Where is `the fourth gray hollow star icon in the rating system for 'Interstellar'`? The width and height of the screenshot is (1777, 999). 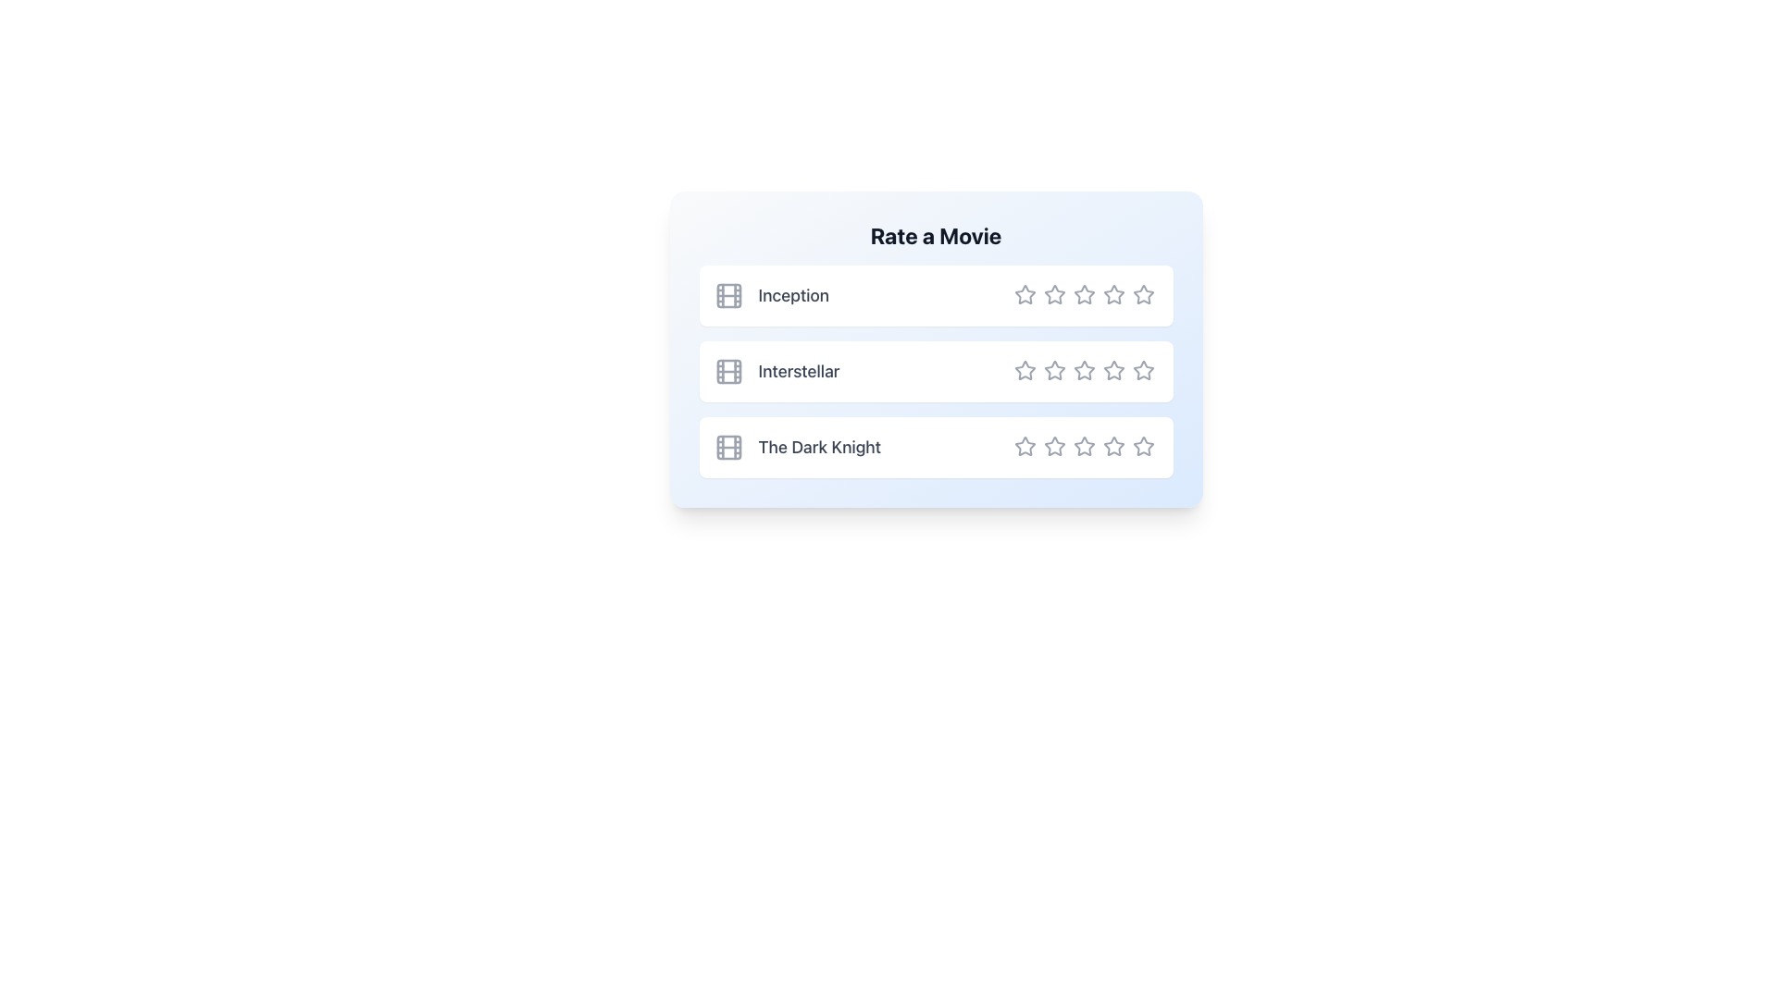
the fourth gray hollow star icon in the rating system for 'Interstellar' is located at coordinates (1142, 370).